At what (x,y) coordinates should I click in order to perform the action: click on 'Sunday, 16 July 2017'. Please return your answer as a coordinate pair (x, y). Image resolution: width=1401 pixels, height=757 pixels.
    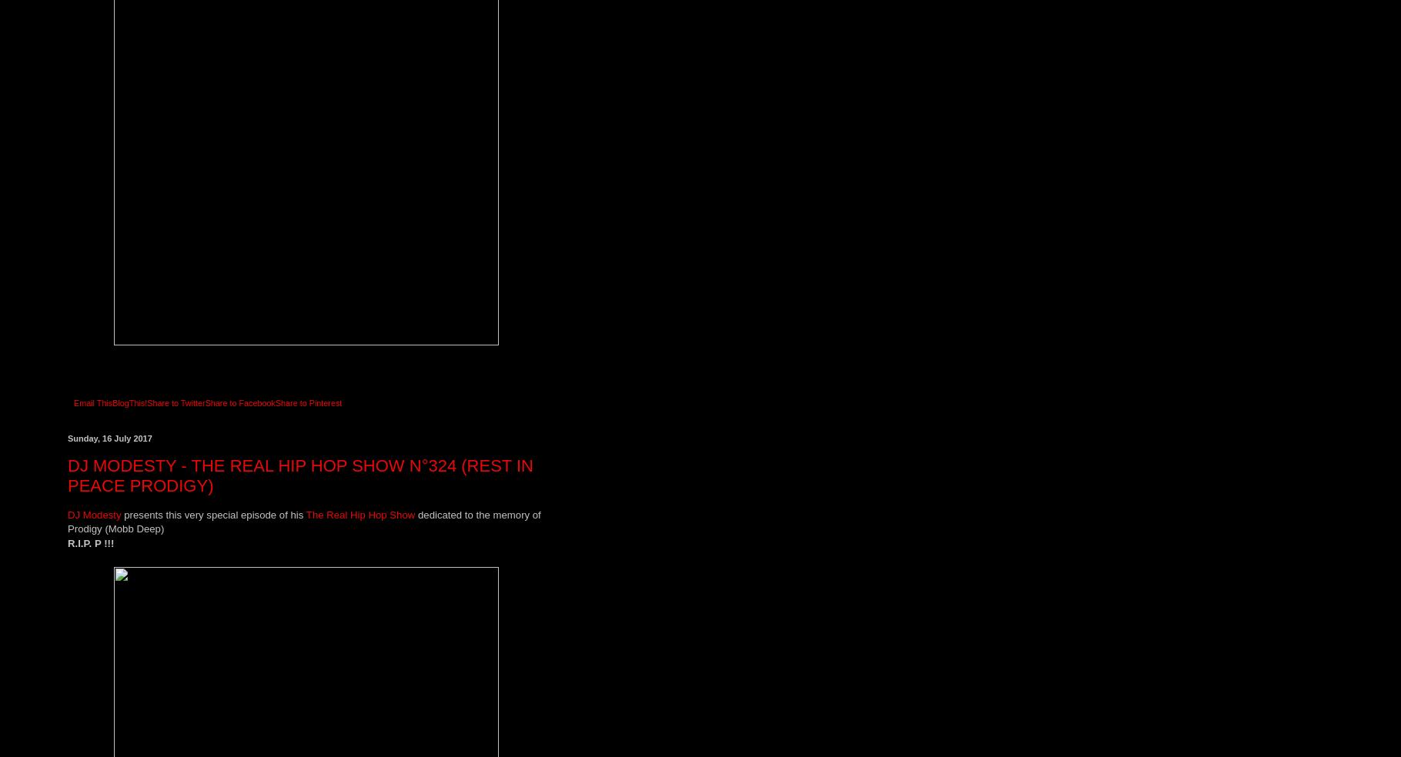
    Looking at the image, I should click on (109, 438).